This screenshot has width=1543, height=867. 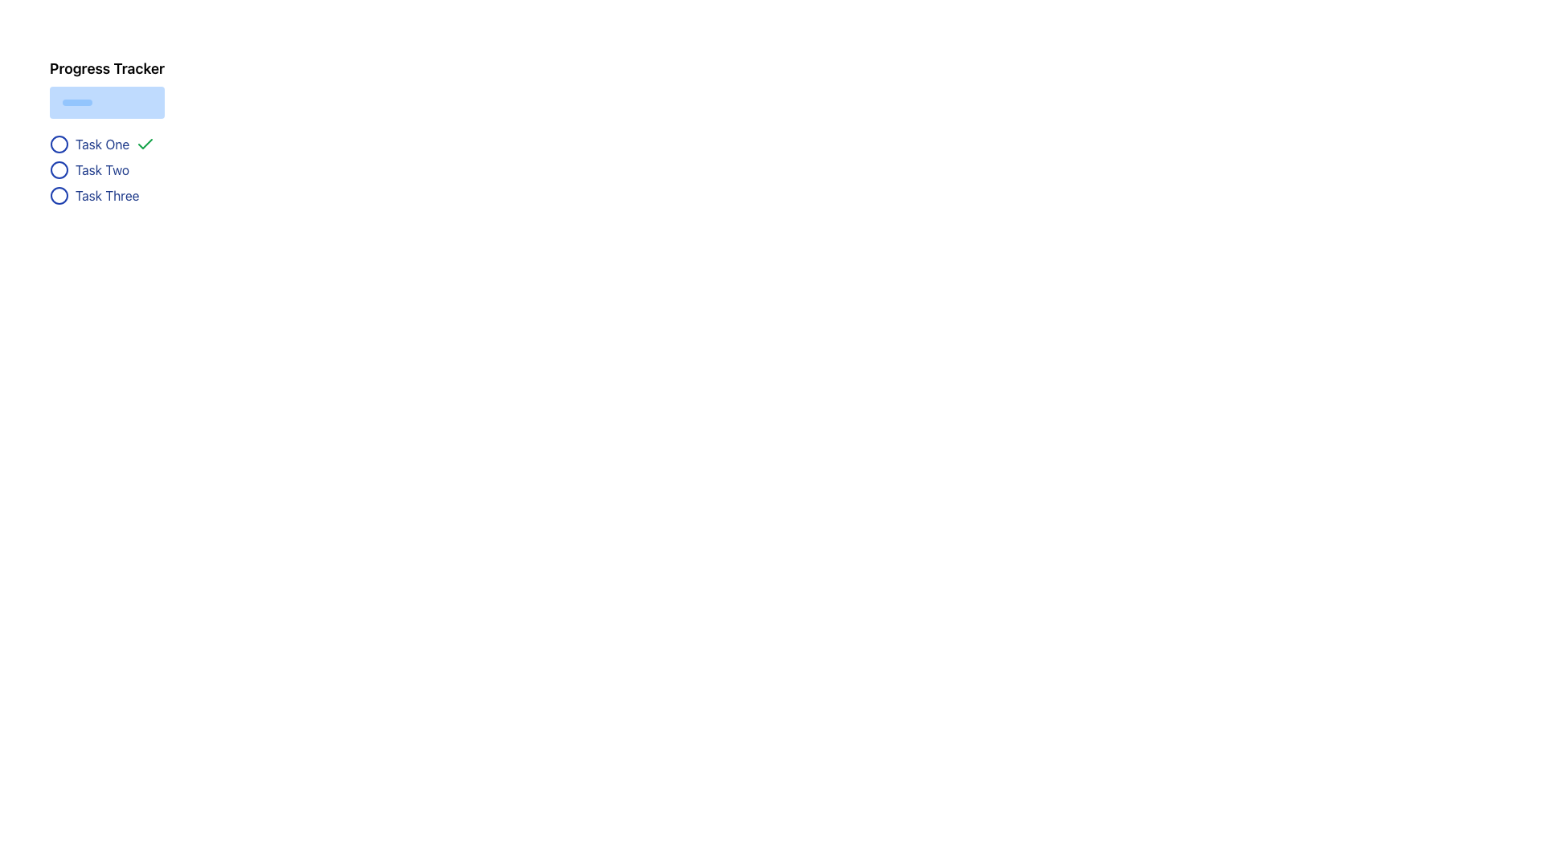 I want to click on the small blue circular icon with a solid border next to the text 'Task Three' in the progress tracker interface, so click(x=59, y=194).